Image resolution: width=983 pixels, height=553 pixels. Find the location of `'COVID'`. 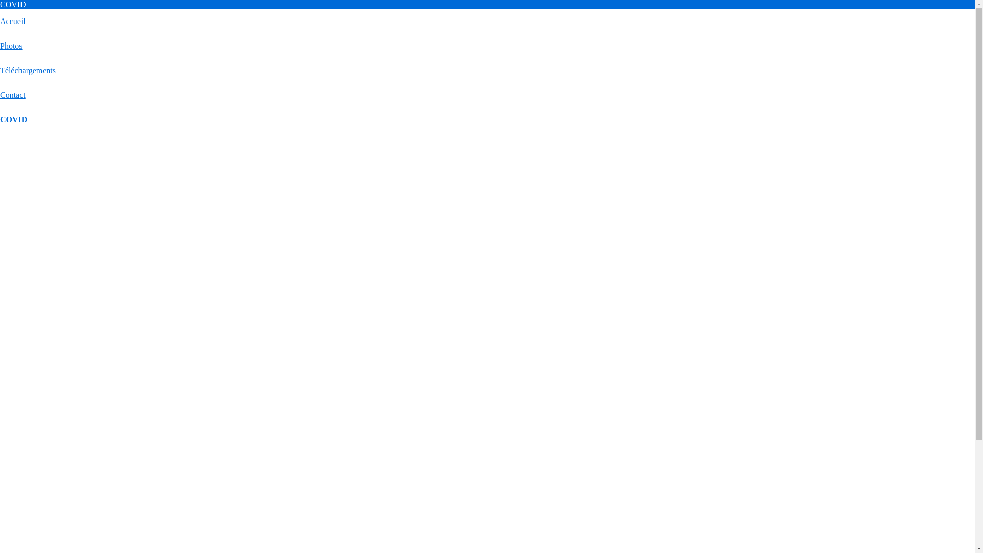

'COVID' is located at coordinates (13, 119).